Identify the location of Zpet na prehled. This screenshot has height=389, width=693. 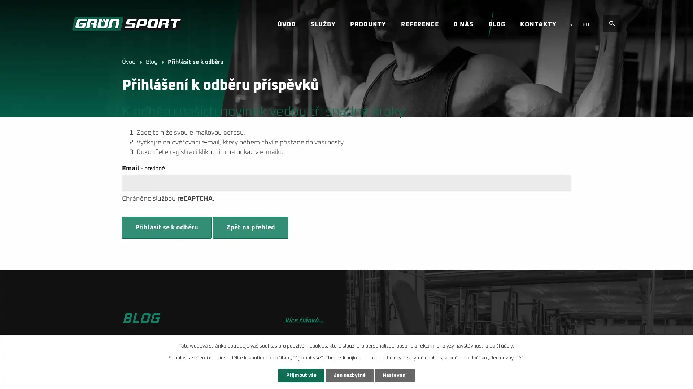
(250, 228).